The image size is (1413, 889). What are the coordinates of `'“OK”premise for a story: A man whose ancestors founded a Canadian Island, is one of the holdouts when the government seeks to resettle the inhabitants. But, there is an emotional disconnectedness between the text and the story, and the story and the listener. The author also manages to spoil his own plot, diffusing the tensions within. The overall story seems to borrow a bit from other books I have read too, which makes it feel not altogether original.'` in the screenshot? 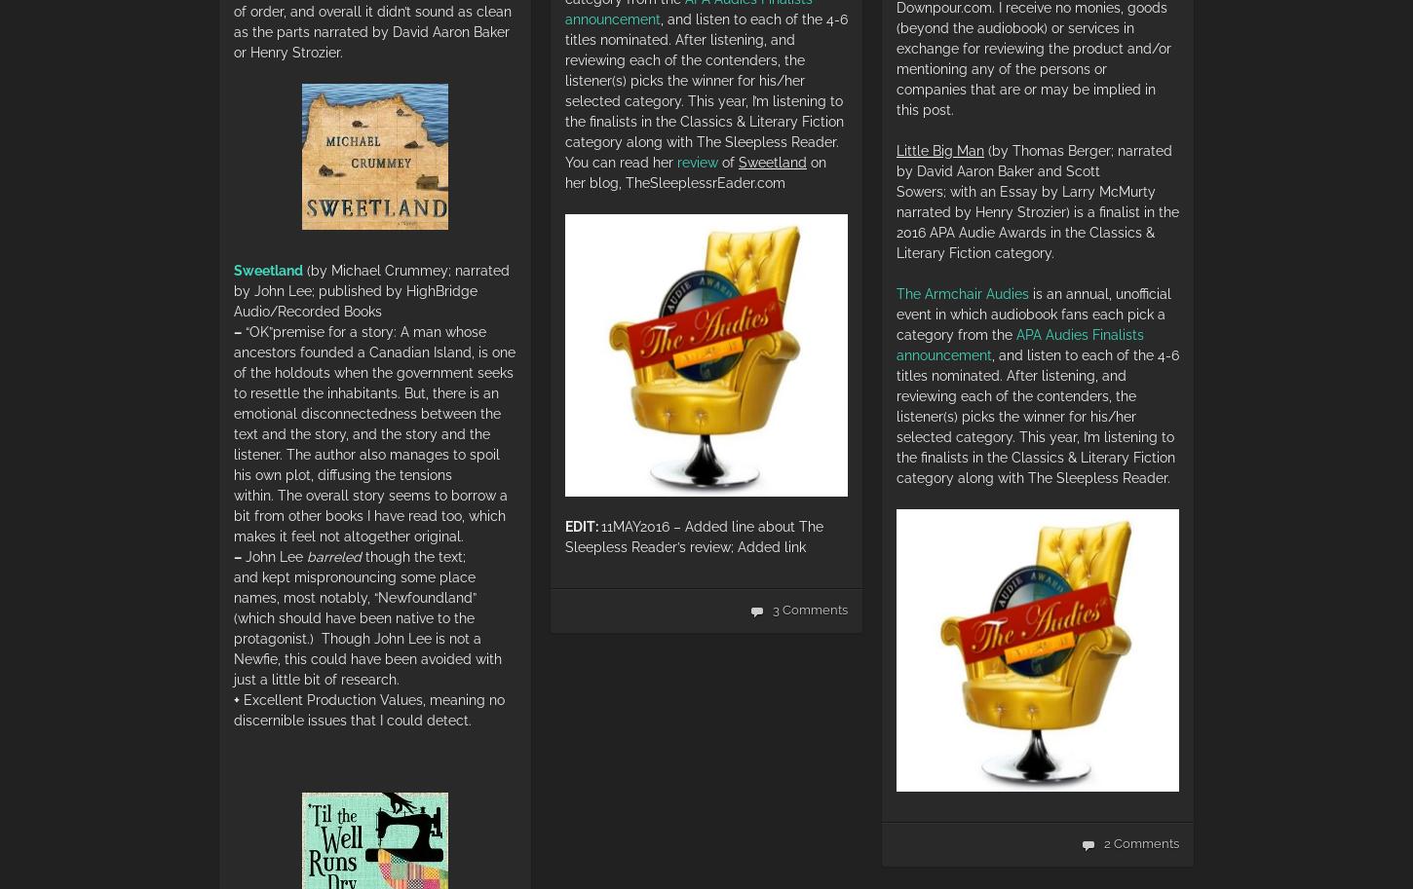 It's located at (232, 432).